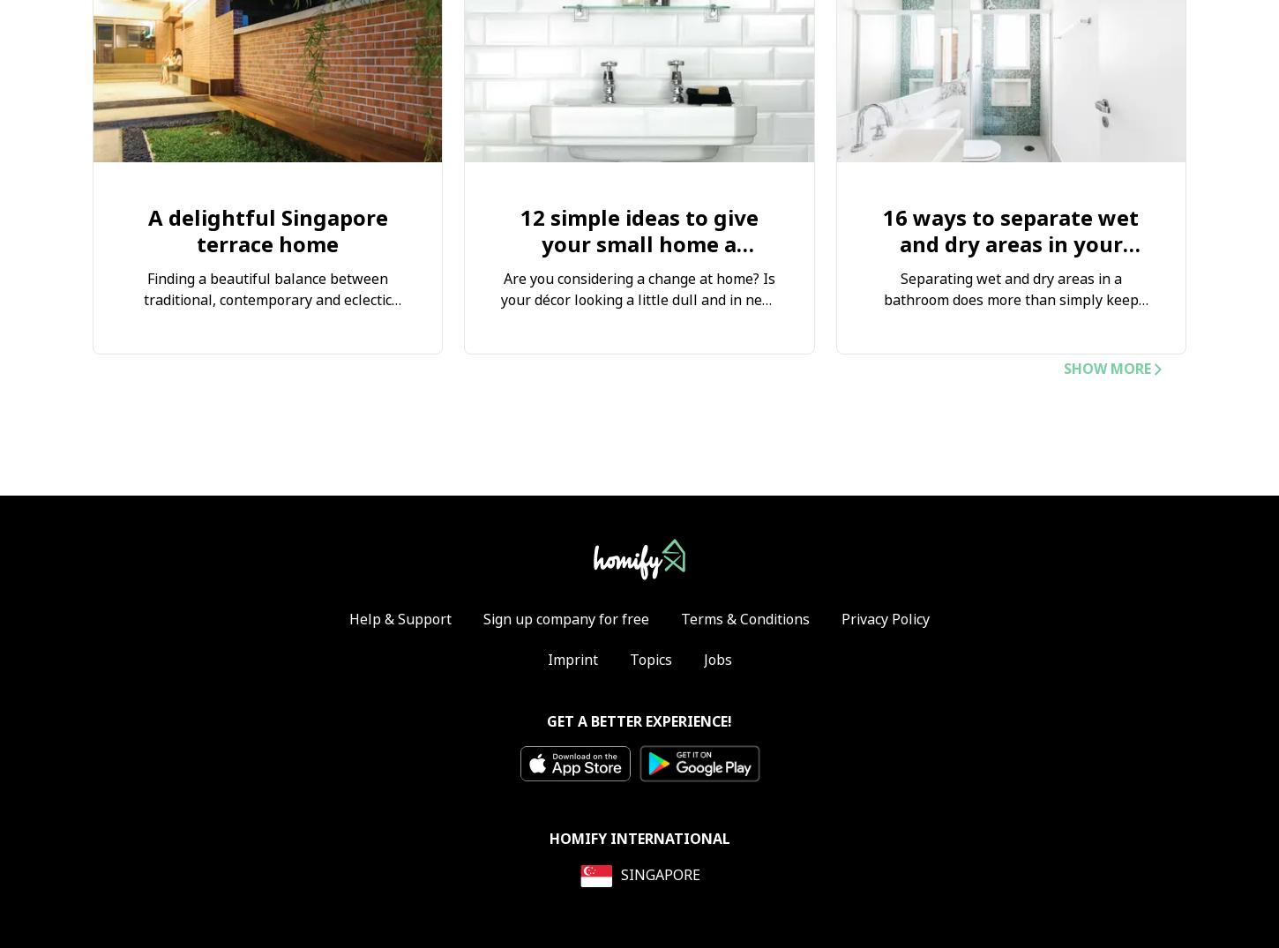 The image size is (1279, 948). What do you see at coordinates (267, 231) in the screenshot?
I see `'A delightful Singapore terrace home'` at bounding box center [267, 231].